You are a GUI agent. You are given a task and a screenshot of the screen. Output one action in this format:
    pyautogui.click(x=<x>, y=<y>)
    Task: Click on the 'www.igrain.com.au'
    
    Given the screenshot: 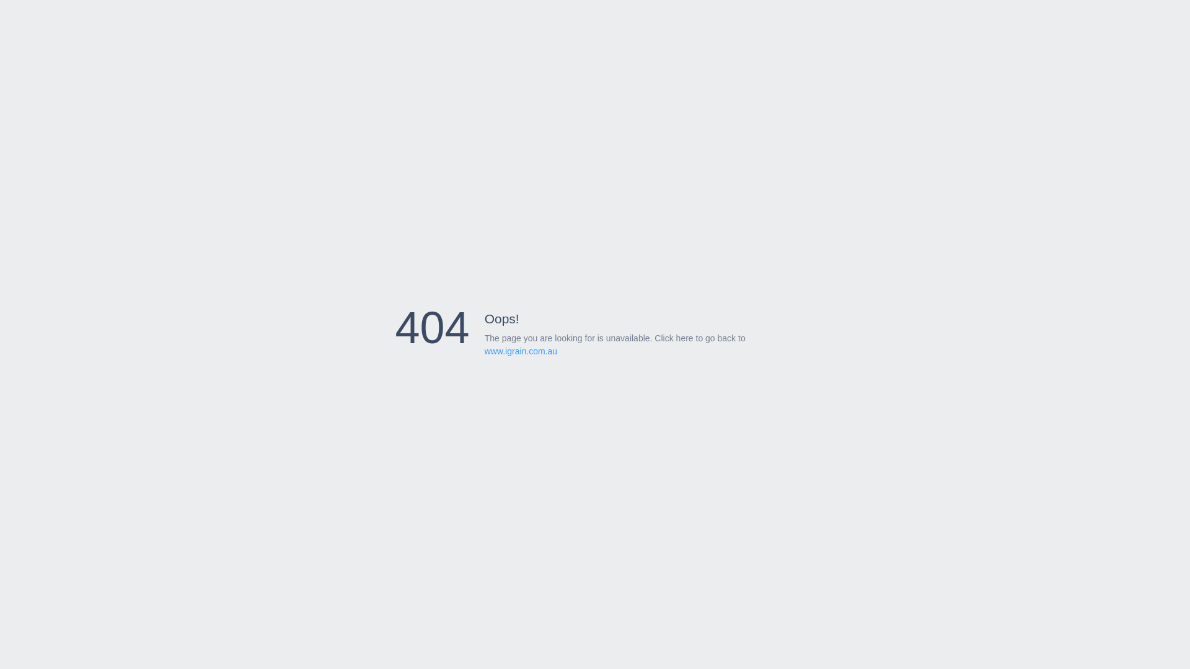 What is the action you would take?
    pyautogui.click(x=521, y=351)
    